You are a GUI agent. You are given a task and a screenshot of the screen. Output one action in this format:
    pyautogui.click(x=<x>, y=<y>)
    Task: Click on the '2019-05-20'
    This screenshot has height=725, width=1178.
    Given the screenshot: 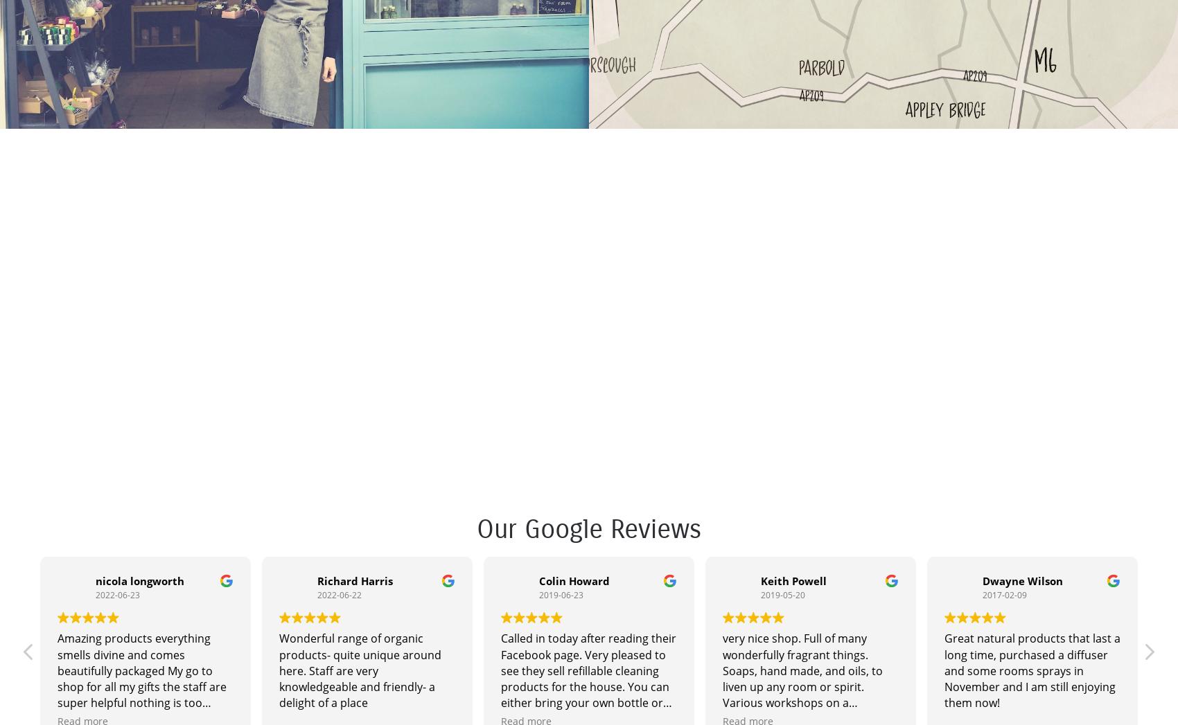 What is the action you would take?
    pyautogui.click(x=782, y=593)
    